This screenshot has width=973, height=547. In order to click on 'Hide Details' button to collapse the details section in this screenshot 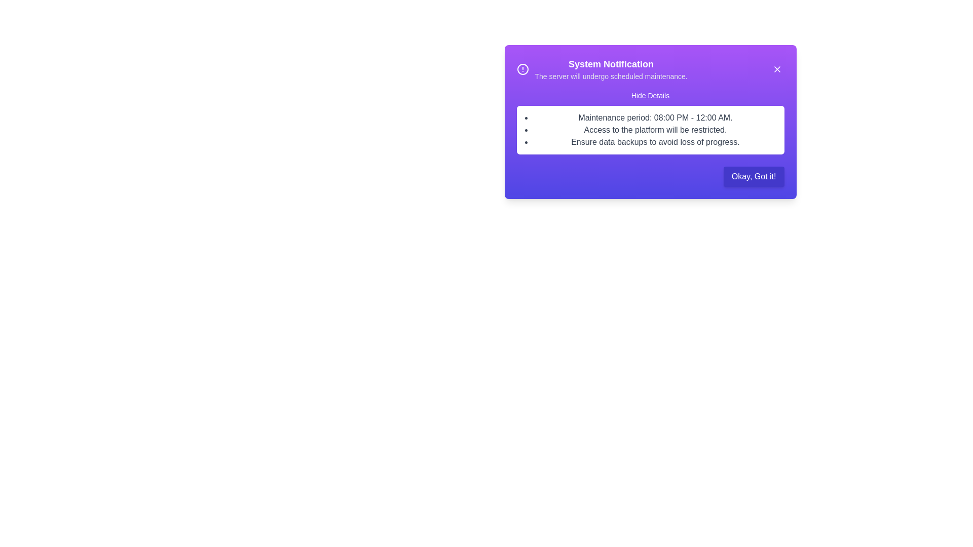, I will do `click(650, 96)`.